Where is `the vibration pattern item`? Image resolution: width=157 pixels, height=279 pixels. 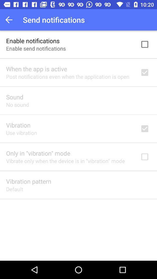
the vibration pattern item is located at coordinates (28, 181).